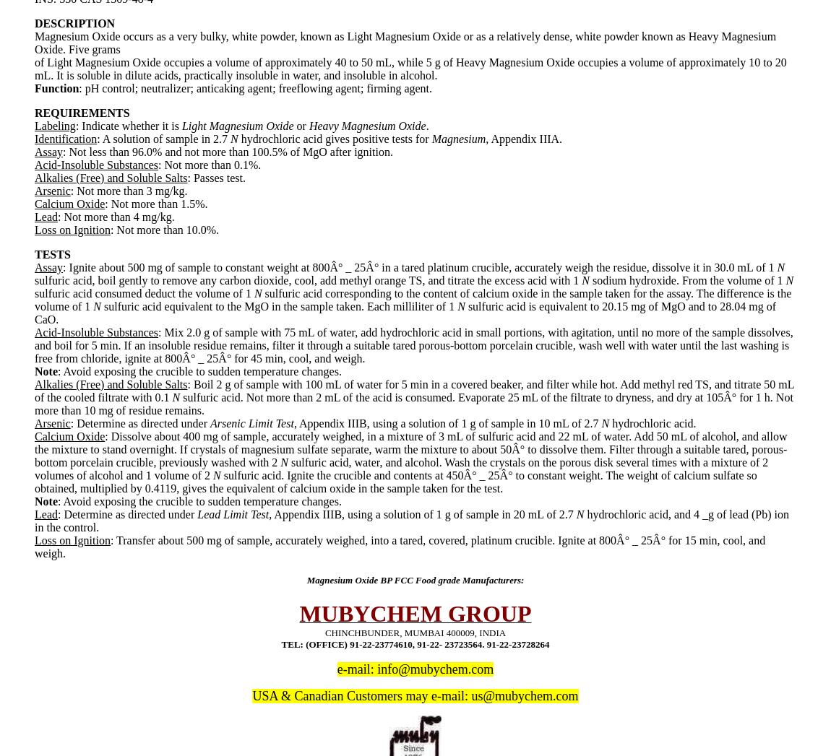 The image size is (831, 756). Describe the element at coordinates (410, 448) in the screenshot. I see `': Dissolve about 400 mg of sample, accurately weighed,  in a mixture of 3 mL of sulfuric acid and 22 mL of water. Add 50 mL of alcohol,  and allow the mixture to stand overnight. If crystals of magnesium sulfate  separate, warm the mixture to about 50Â° to dissolve them. Filter through a  suitable tared, porous-bottom porcelain crucible, previously washed with 2'` at that location.